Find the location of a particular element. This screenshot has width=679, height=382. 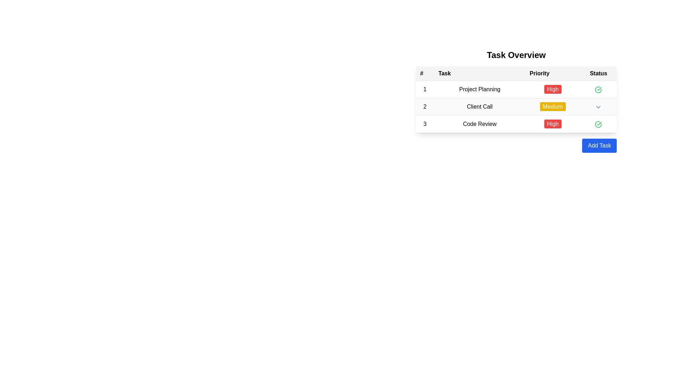

the high-priority status label located in the 'Priority' column of the first row in the 'Task Overview' table, positioned between the 'Task' and 'Status' columns is located at coordinates (552, 89).